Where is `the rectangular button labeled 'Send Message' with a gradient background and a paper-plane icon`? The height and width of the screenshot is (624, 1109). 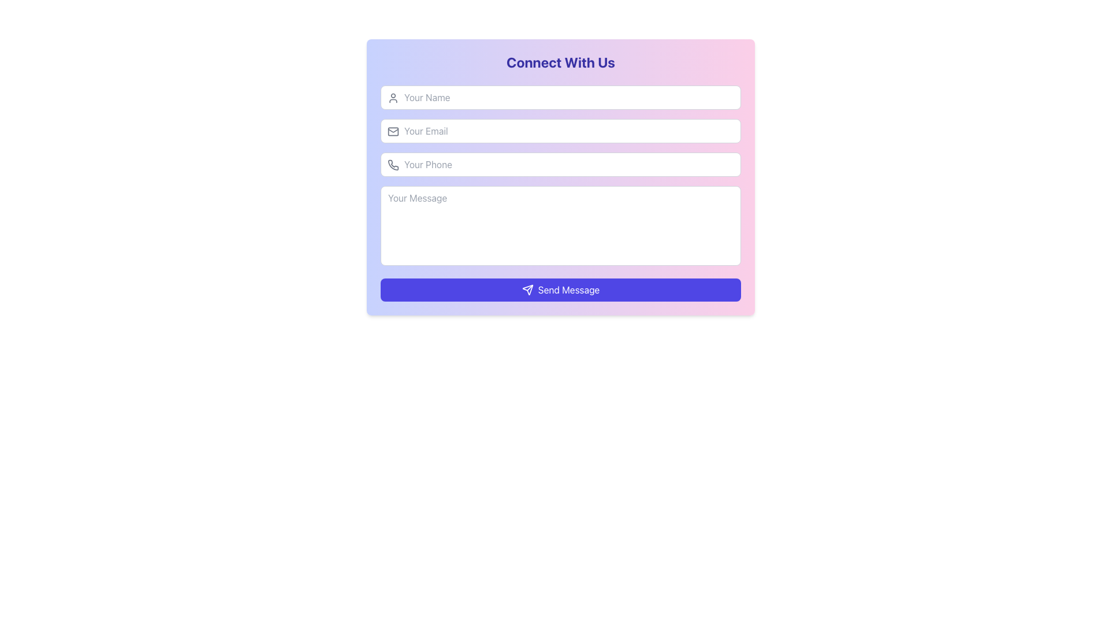
the rectangular button labeled 'Send Message' with a gradient background and a paper-plane icon is located at coordinates (560, 289).